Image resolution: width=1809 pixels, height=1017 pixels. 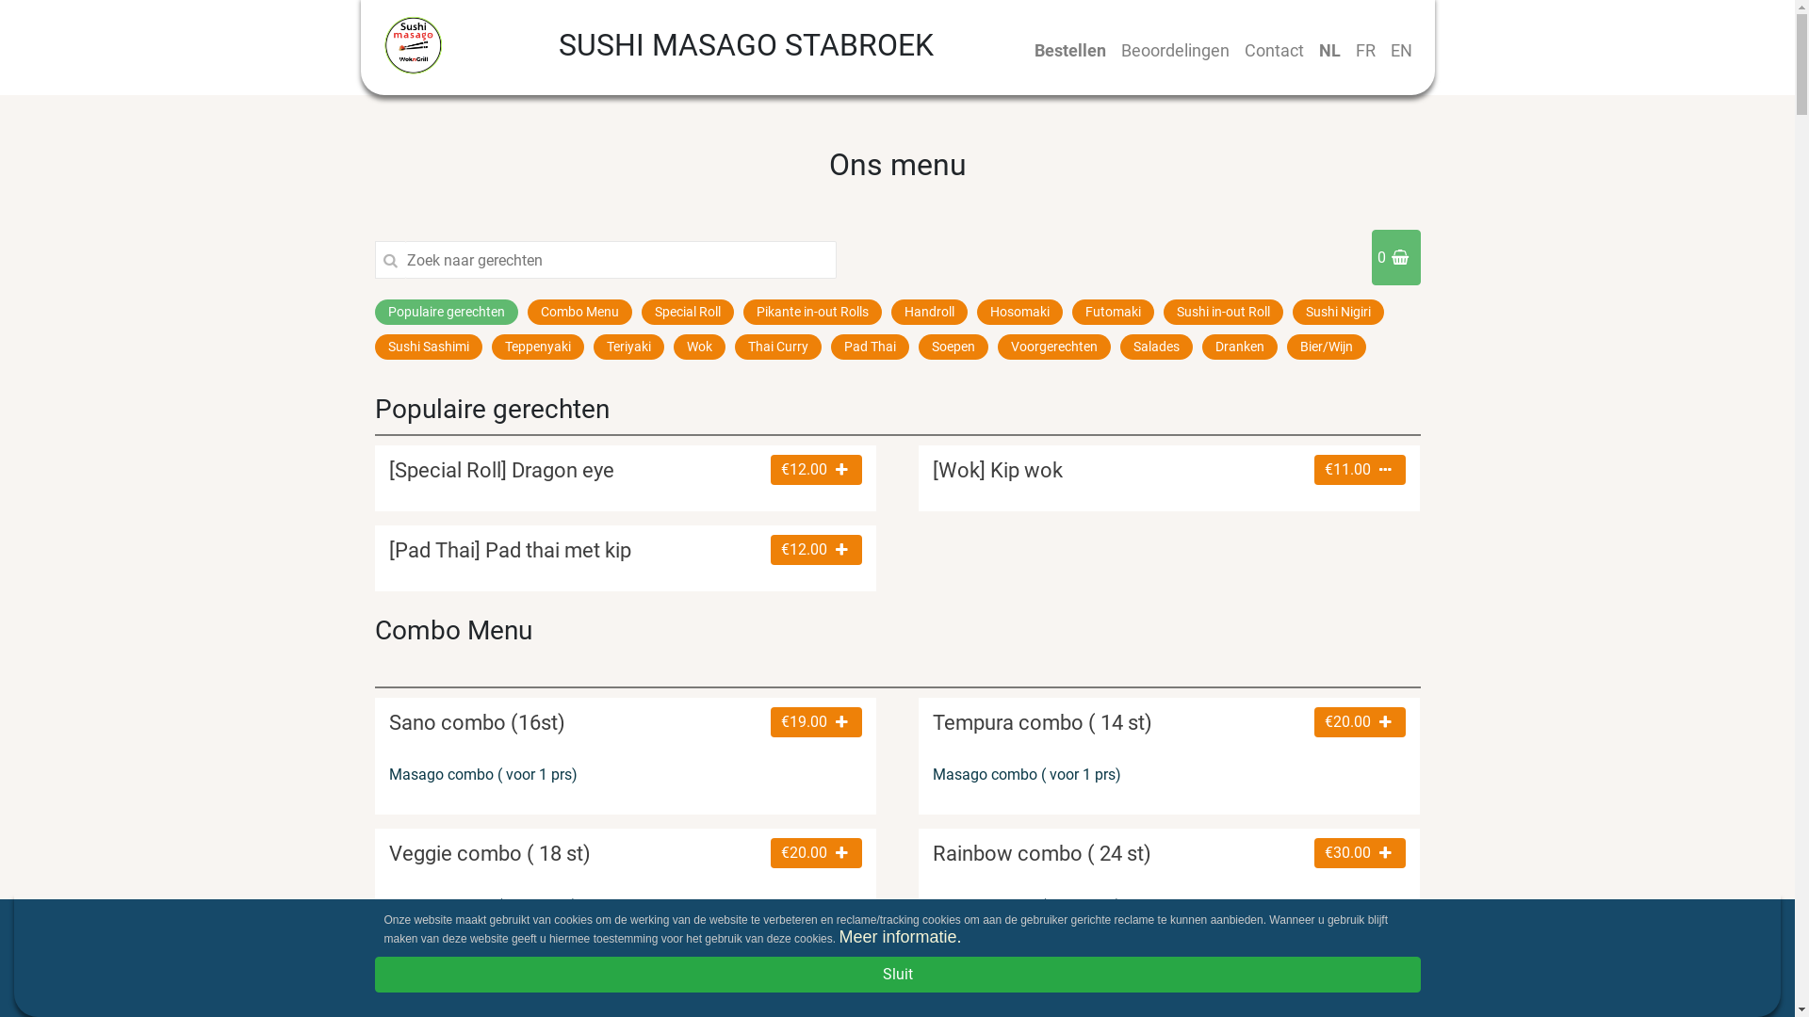 What do you see at coordinates (899, 937) in the screenshot?
I see `'Meer informatie.'` at bounding box center [899, 937].